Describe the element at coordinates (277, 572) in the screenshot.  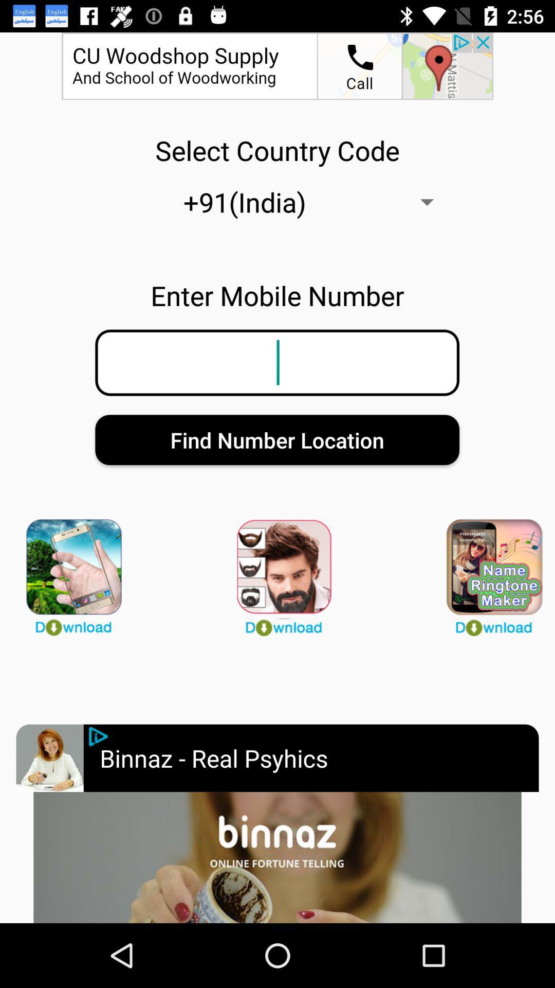
I see `download app` at that location.